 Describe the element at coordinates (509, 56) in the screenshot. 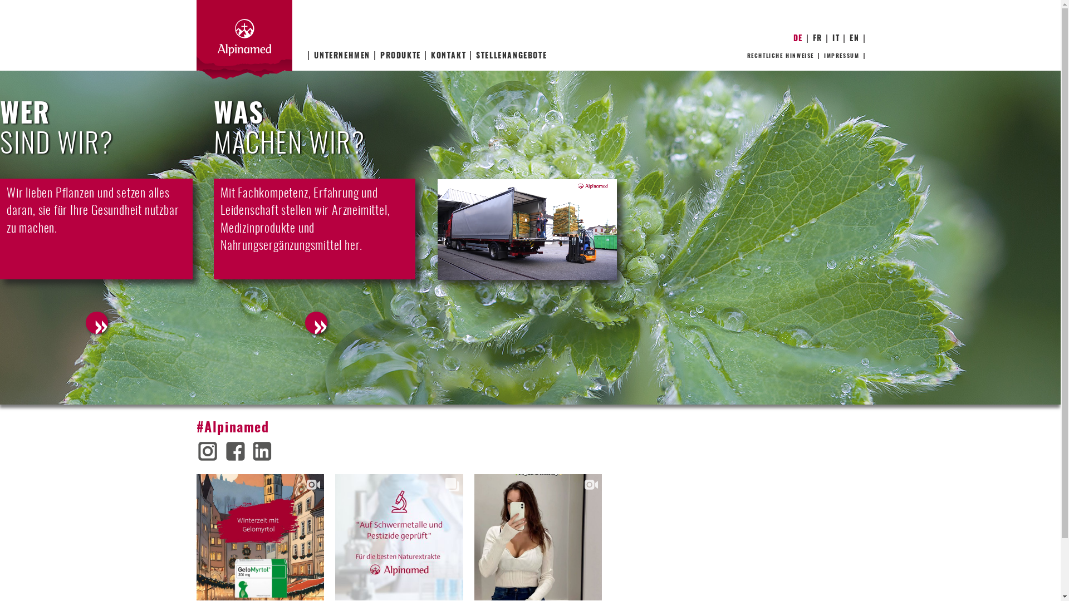

I see `'STELLENANGEBOTE'` at that location.